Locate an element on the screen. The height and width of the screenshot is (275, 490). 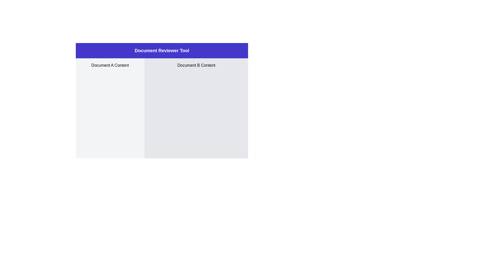
the 'Document B Content' label, which is displayed in bold text on a light gray background in the upper right section of the interface is located at coordinates (196, 65).